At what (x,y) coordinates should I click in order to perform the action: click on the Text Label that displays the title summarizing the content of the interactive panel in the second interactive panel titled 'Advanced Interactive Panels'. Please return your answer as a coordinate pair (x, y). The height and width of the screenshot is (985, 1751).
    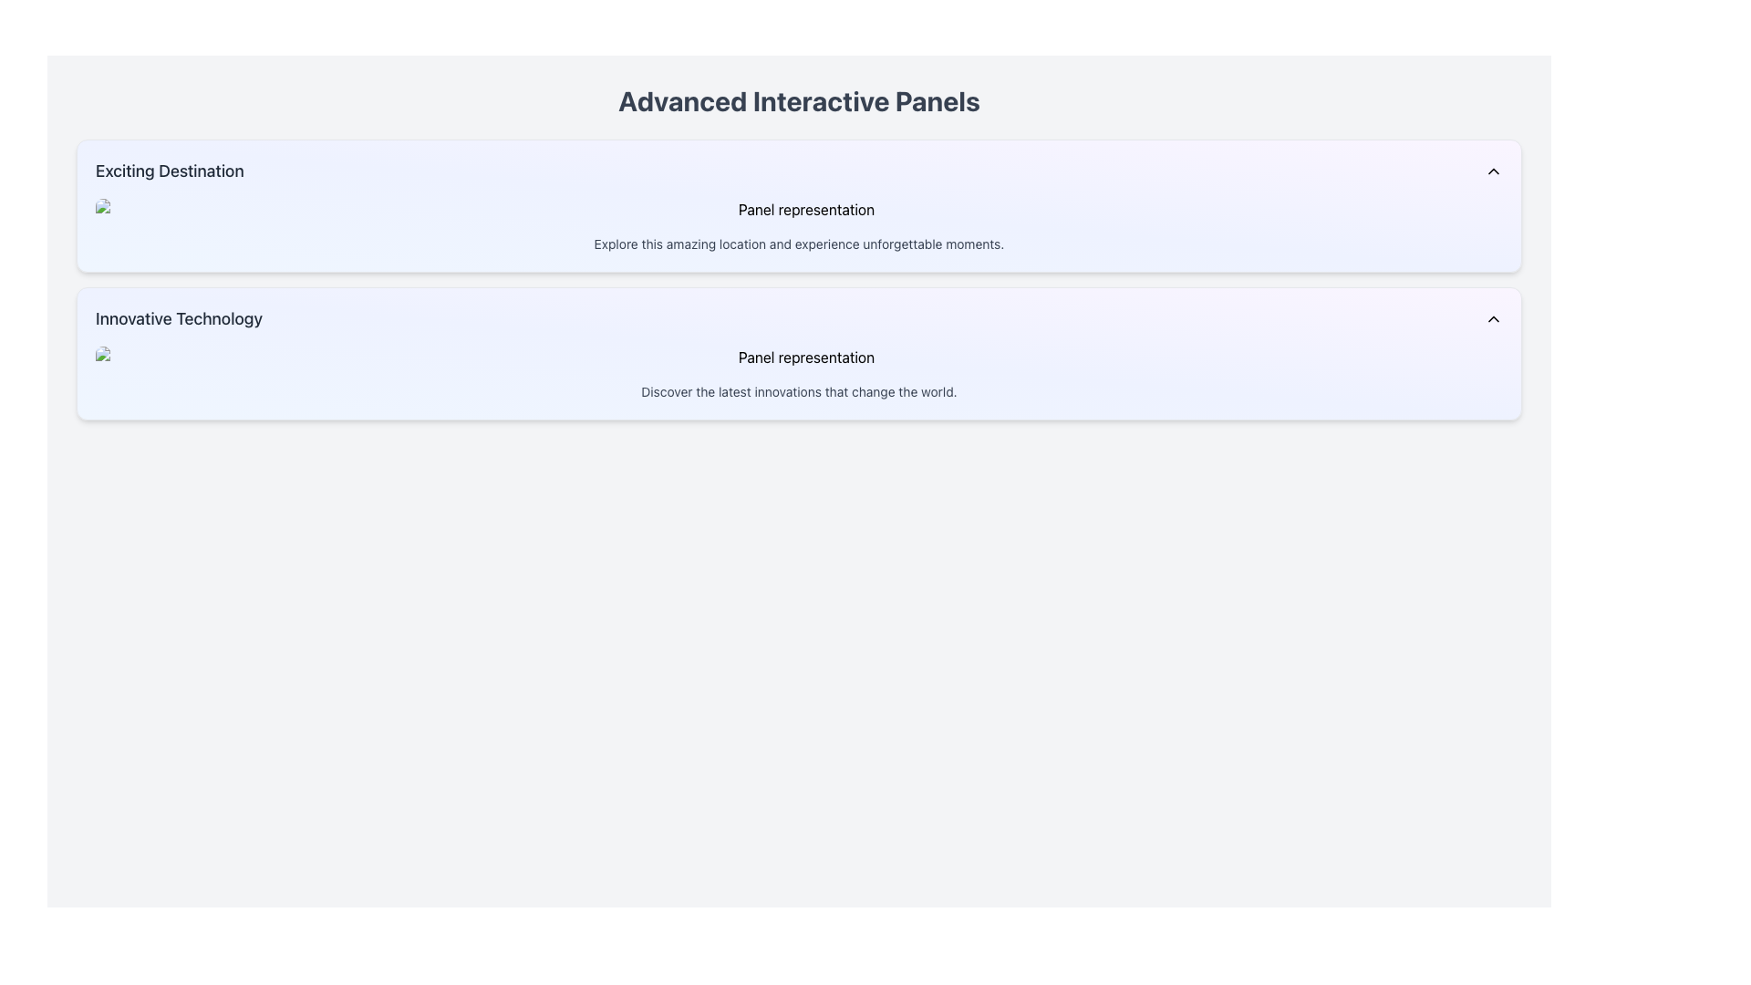
    Looking at the image, I should click on (179, 318).